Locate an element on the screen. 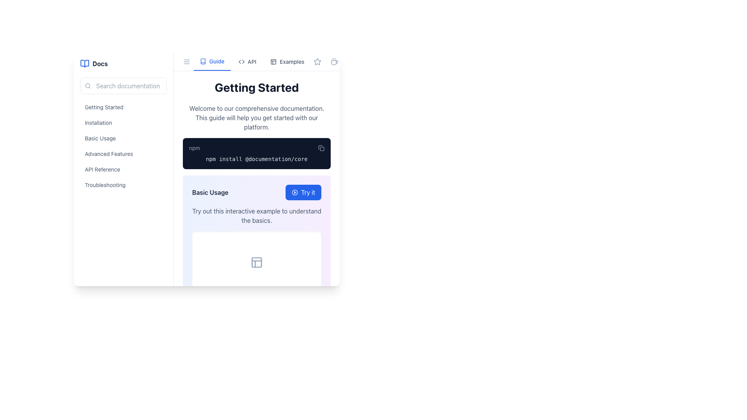 The height and width of the screenshot is (420, 747). the 'Advanced Features' button in the sidebar menu is located at coordinates (123, 154).